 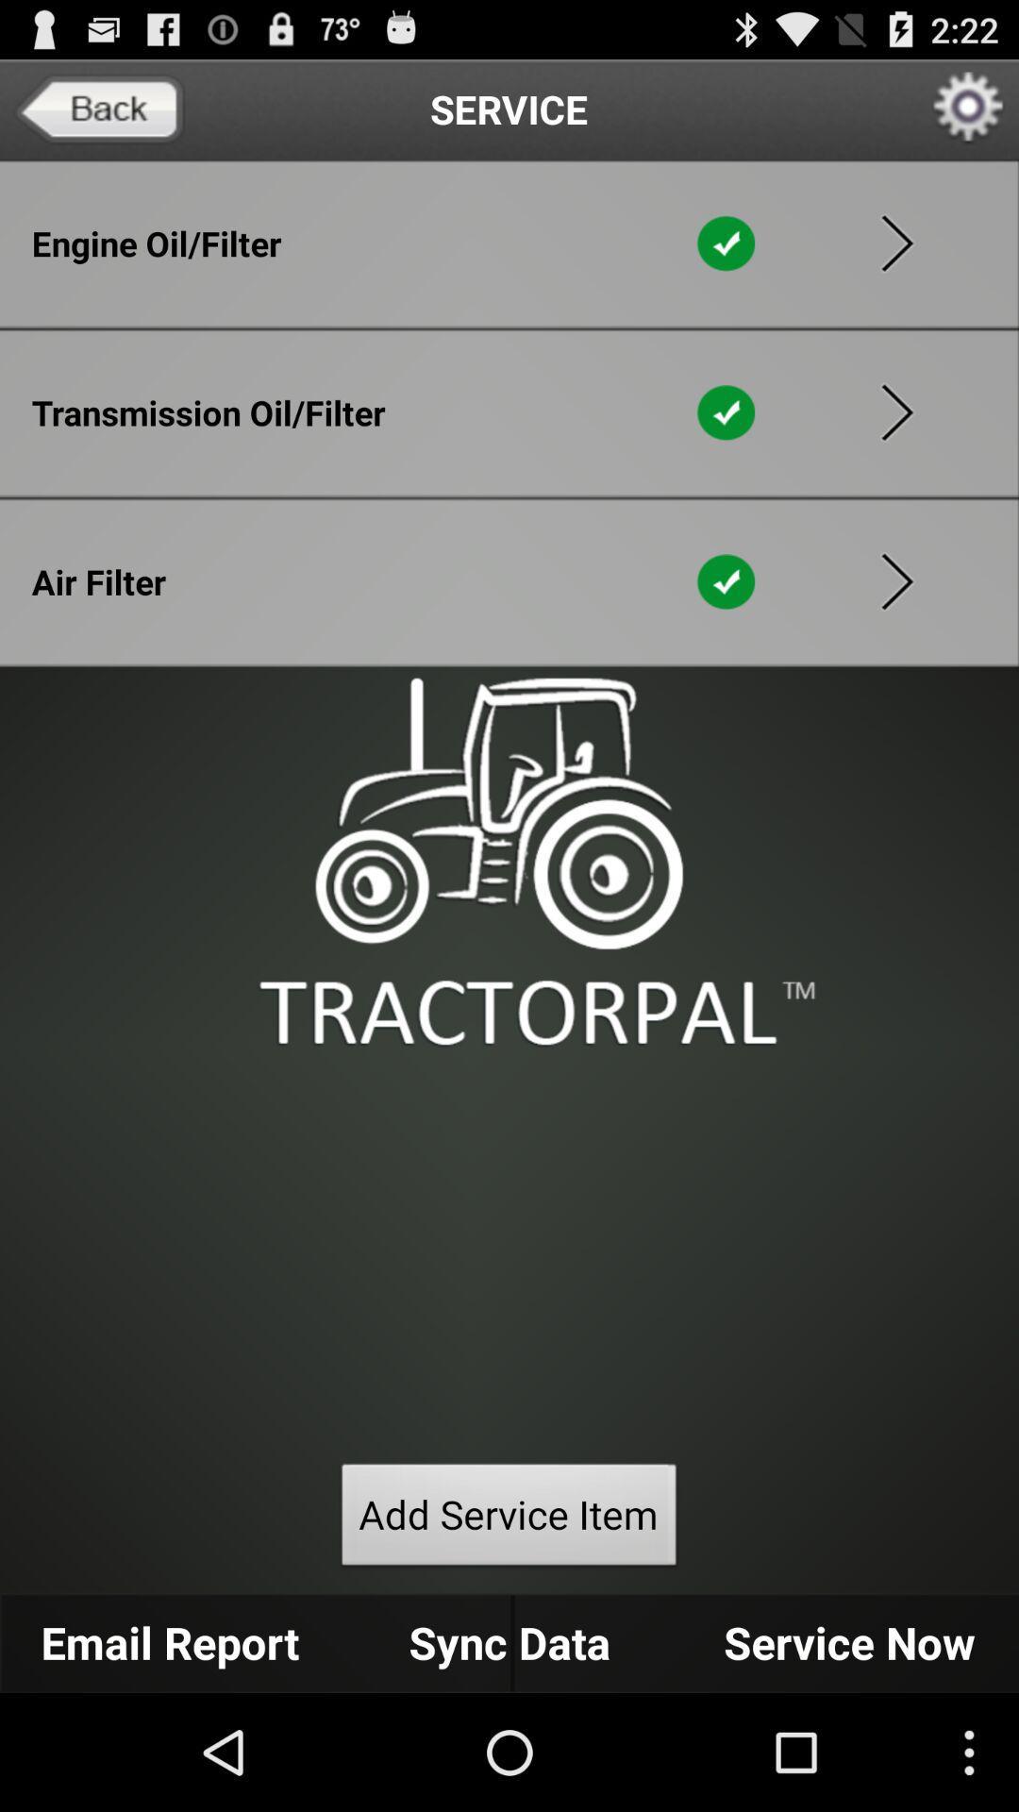 What do you see at coordinates (98, 108) in the screenshot?
I see `go back` at bounding box center [98, 108].